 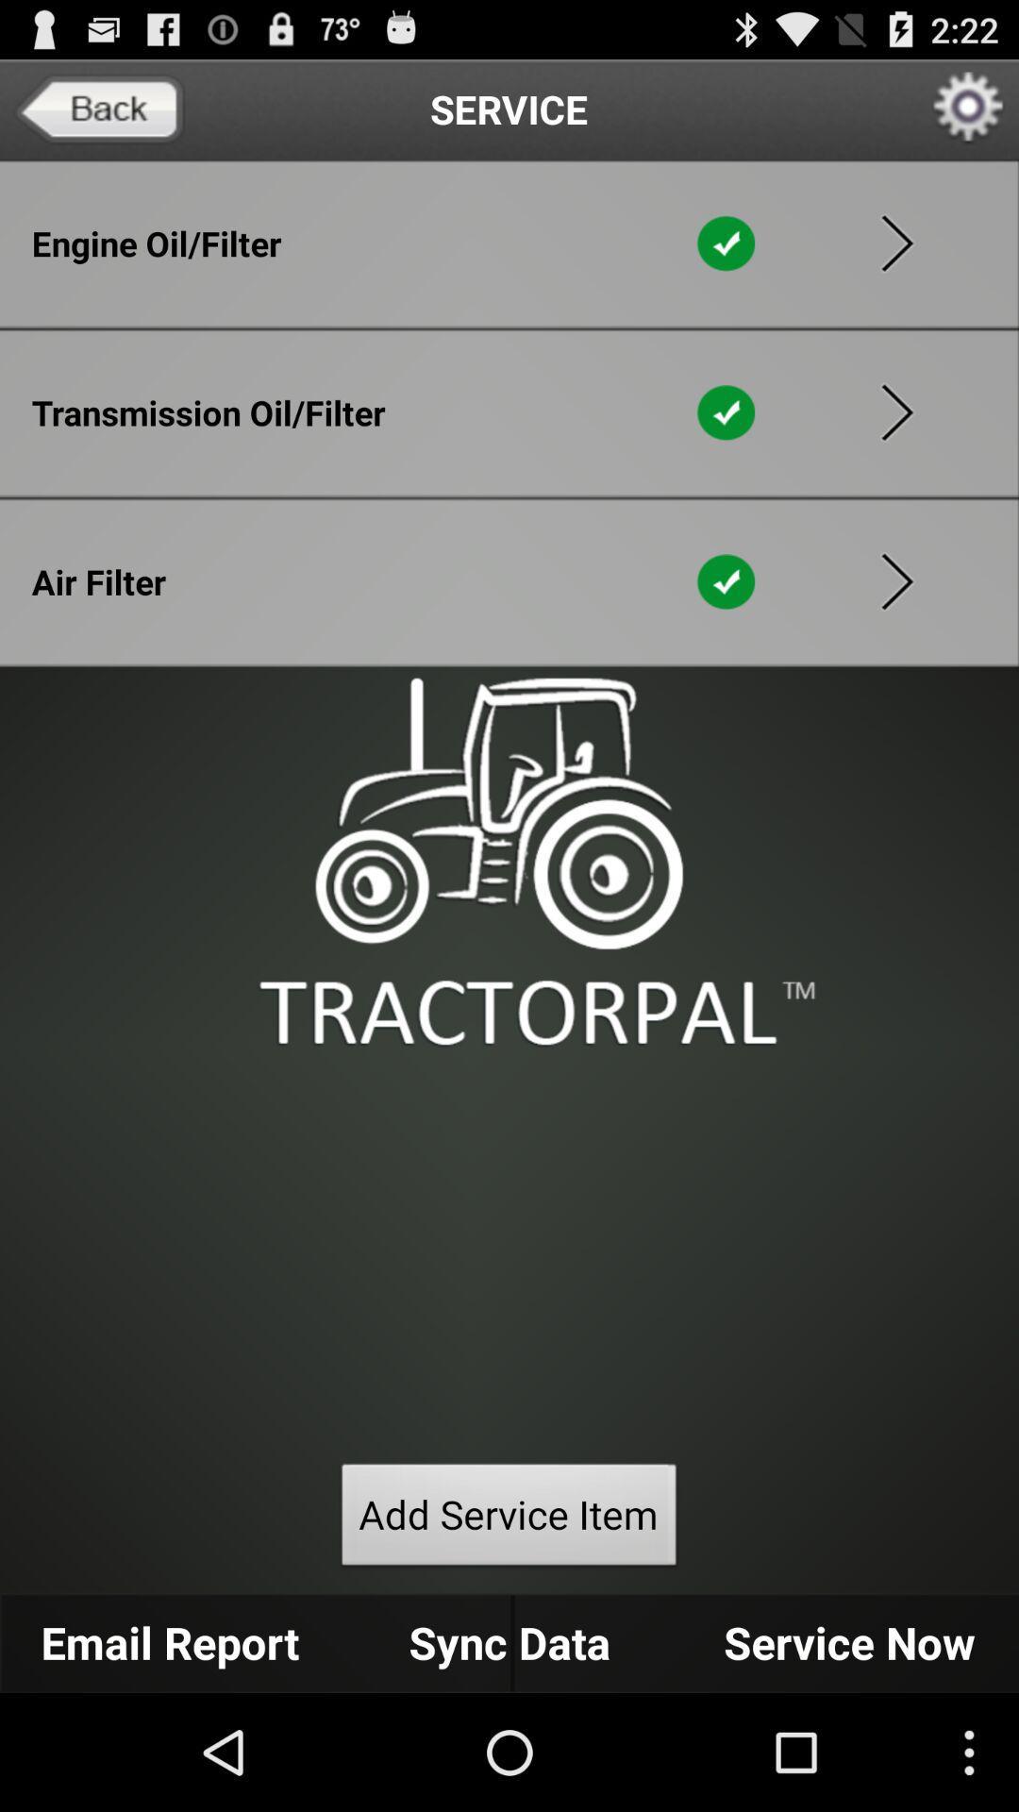 What do you see at coordinates (98, 108) in the screenshot?
I see `go back` at bounding box center [98, 108].